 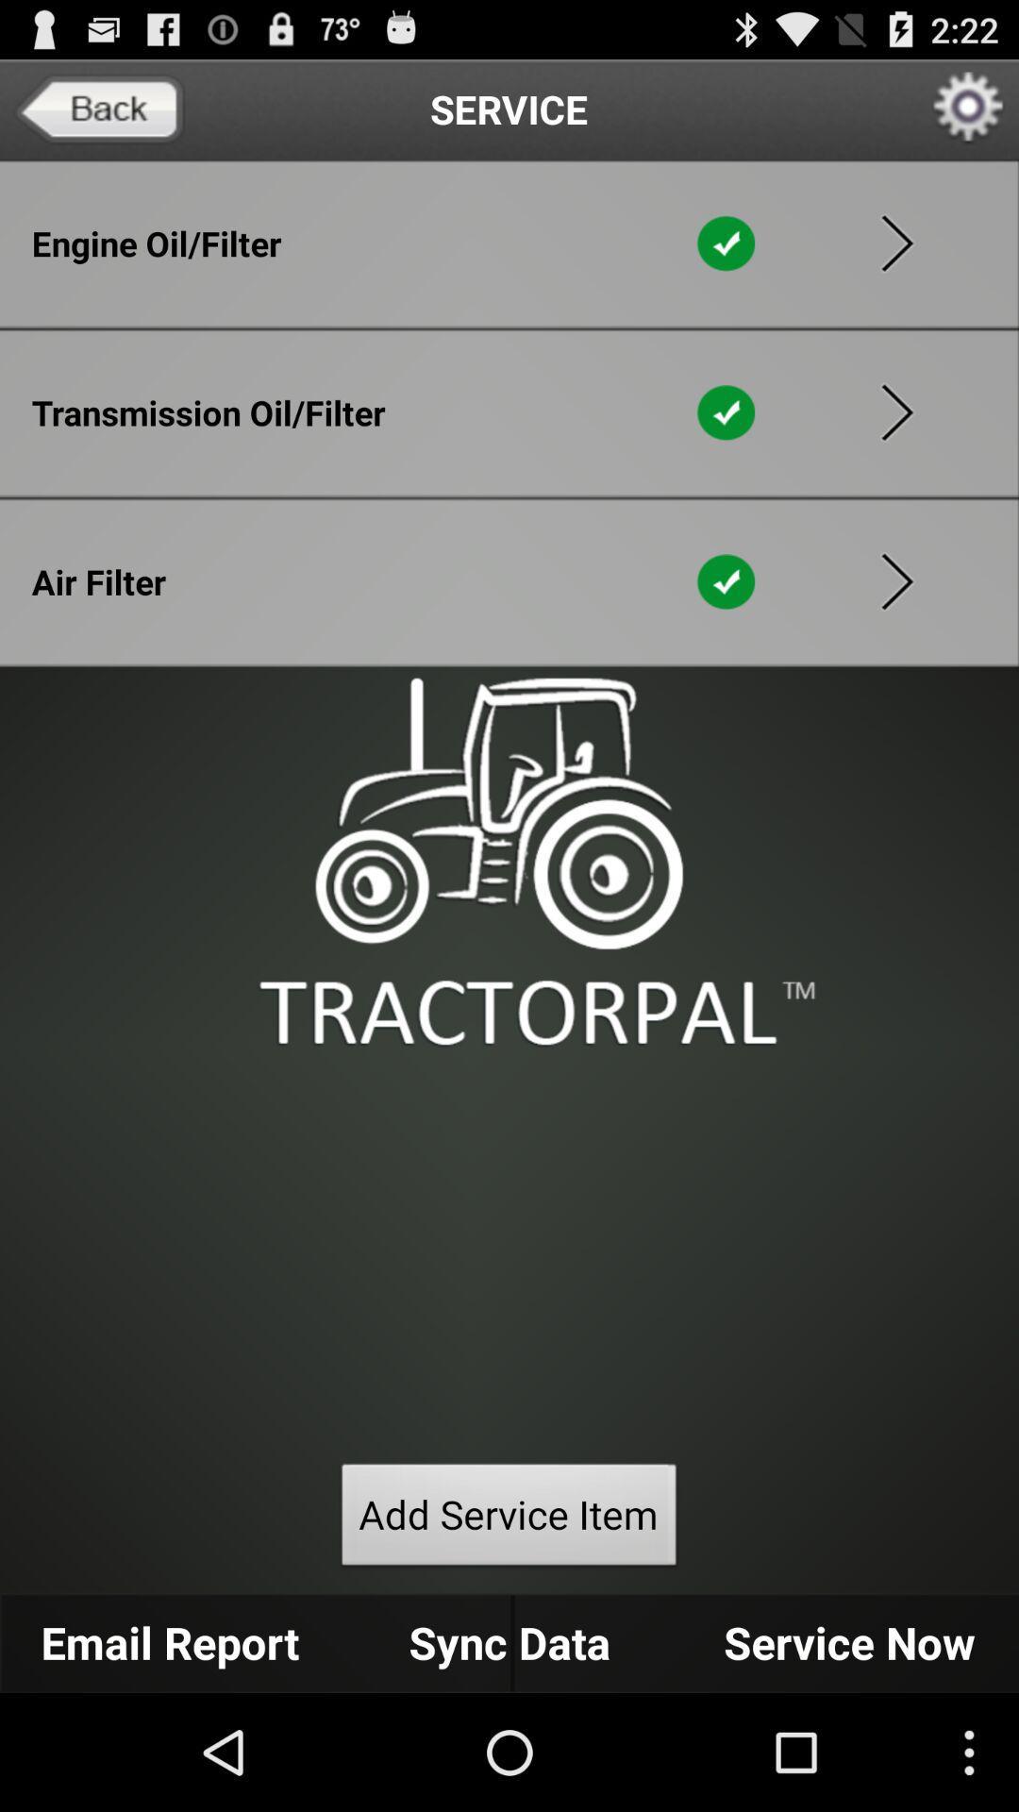 What do you see at coordinates (98, 108) in the screenshot?
I see `go back` at bounding box center [98, 108].